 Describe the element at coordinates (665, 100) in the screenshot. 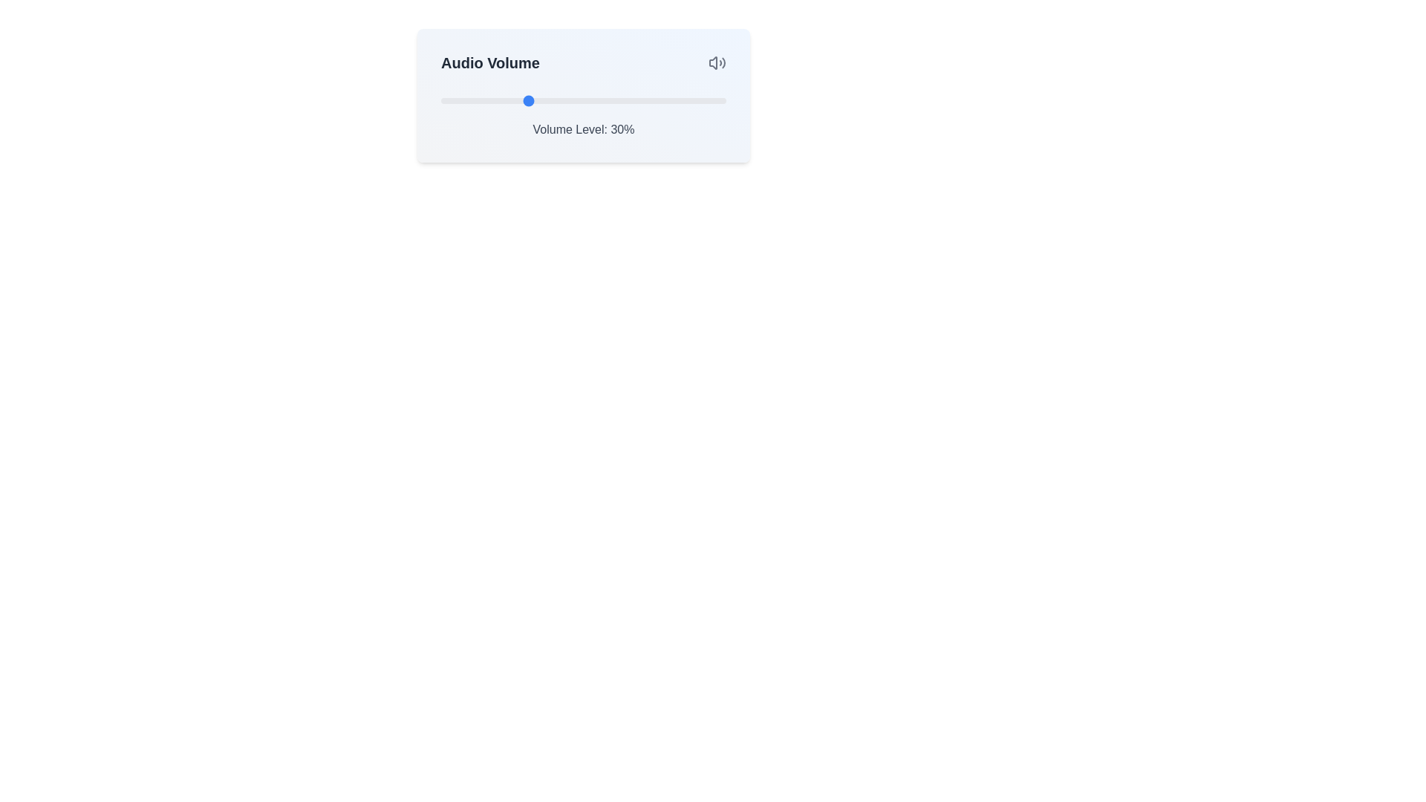

I see `the volume level` at that location.